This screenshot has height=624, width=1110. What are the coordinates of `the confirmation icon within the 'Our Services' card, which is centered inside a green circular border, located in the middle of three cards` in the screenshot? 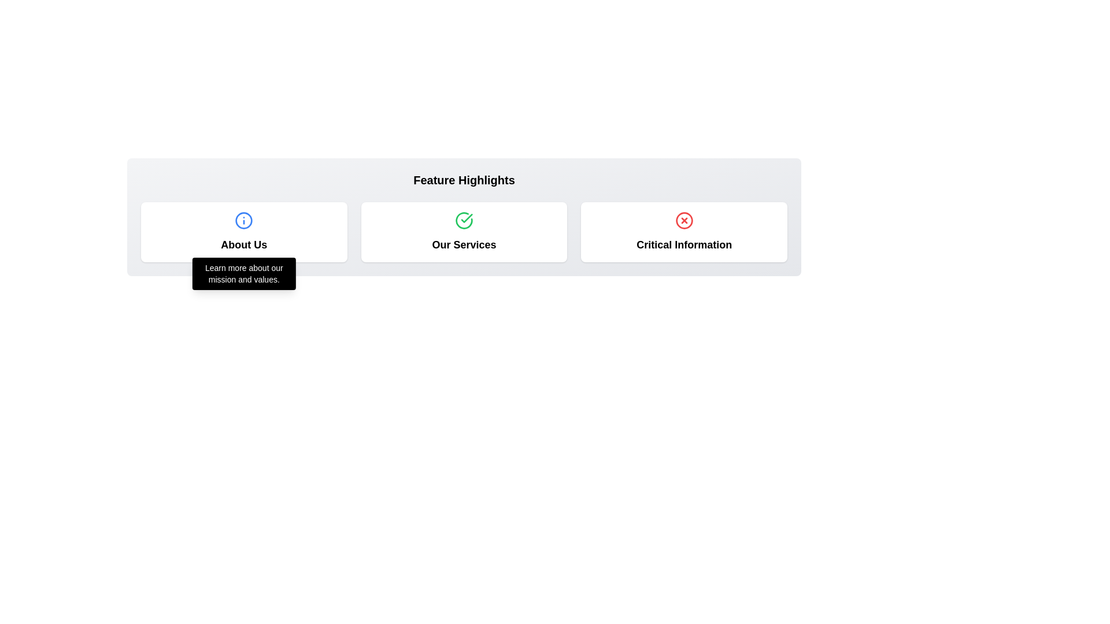 It's located at (467, 218).